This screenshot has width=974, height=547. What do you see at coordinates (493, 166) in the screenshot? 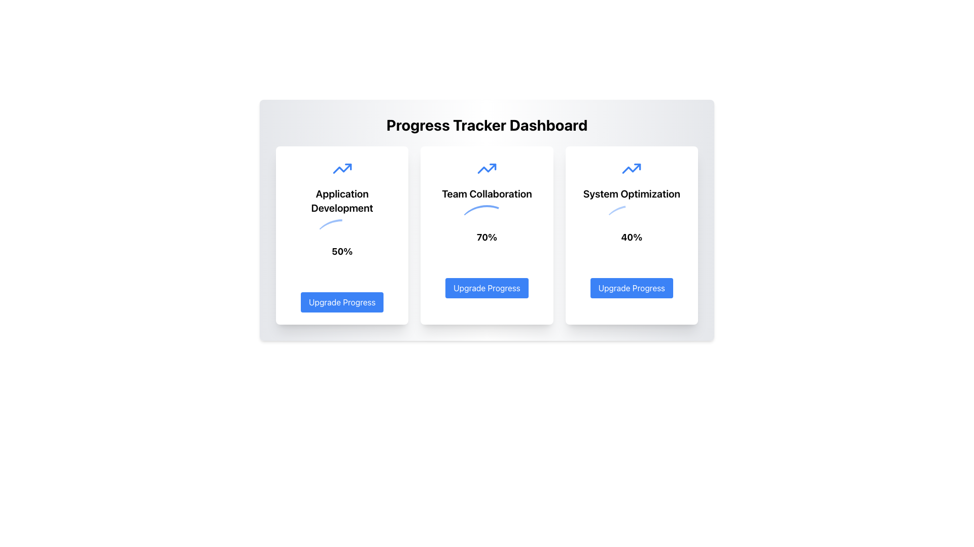
I see `the decorative triangle at the end of the arrow icon on the 'Team Collaboration' card` at bounding box center [493, 166].